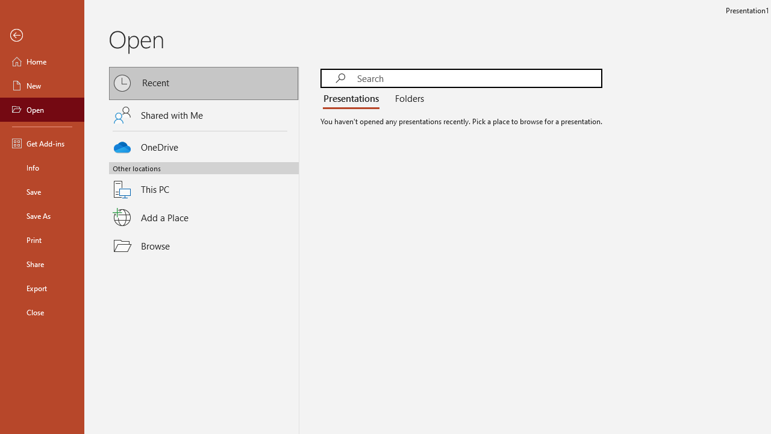 This screenshot has height=434, width=771. Describe the element at coordinates (407, 98) in the screenshot. I see `'Folders'` at that location.